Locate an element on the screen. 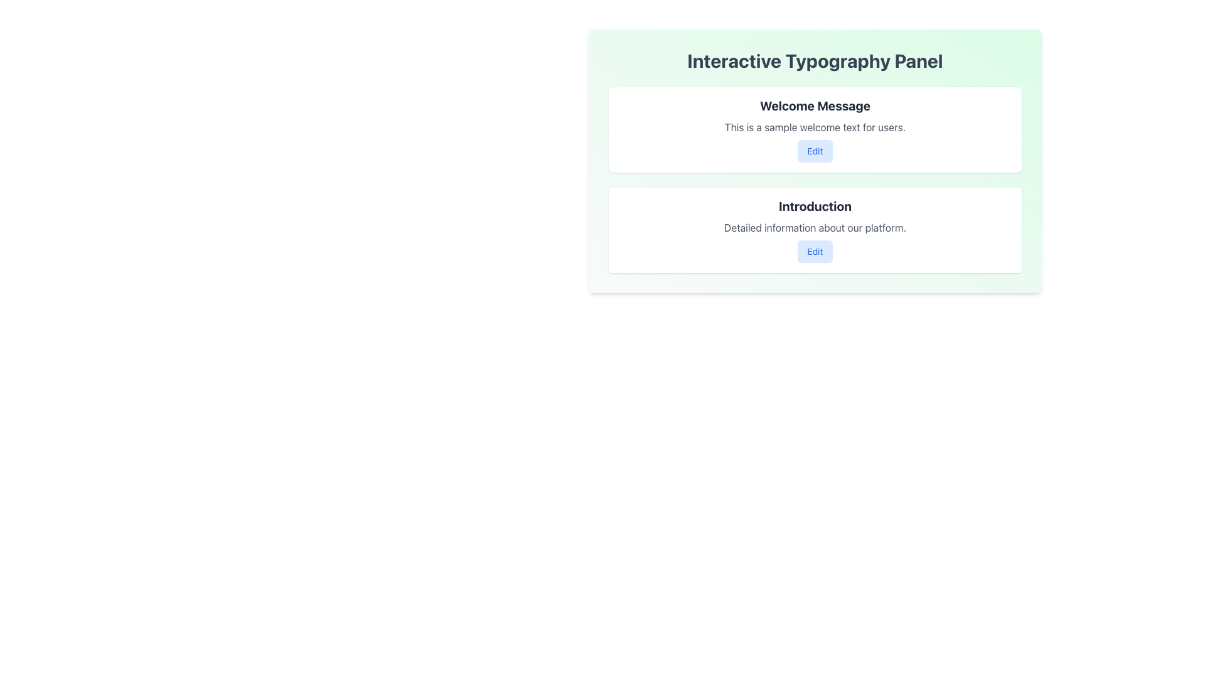 This screenshot has height=678, width=1205. the text label displayed in gray below the 'Welcome Message' heading, which is located on a light green background is located at coordinates (815, 127).